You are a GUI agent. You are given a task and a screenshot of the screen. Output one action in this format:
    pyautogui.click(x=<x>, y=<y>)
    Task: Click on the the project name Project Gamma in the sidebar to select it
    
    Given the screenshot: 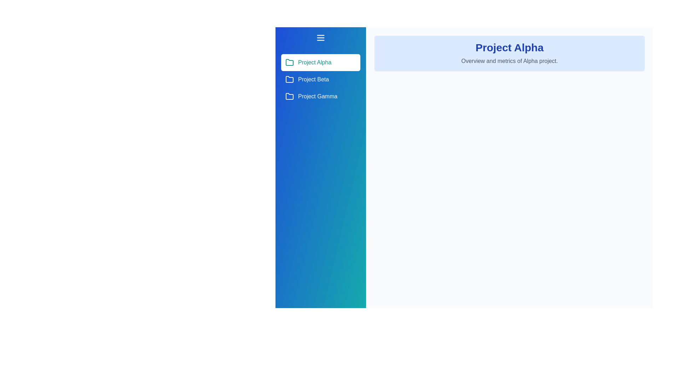 What is the action you would take?
    pyautogui.click(x=320, y=97)
    